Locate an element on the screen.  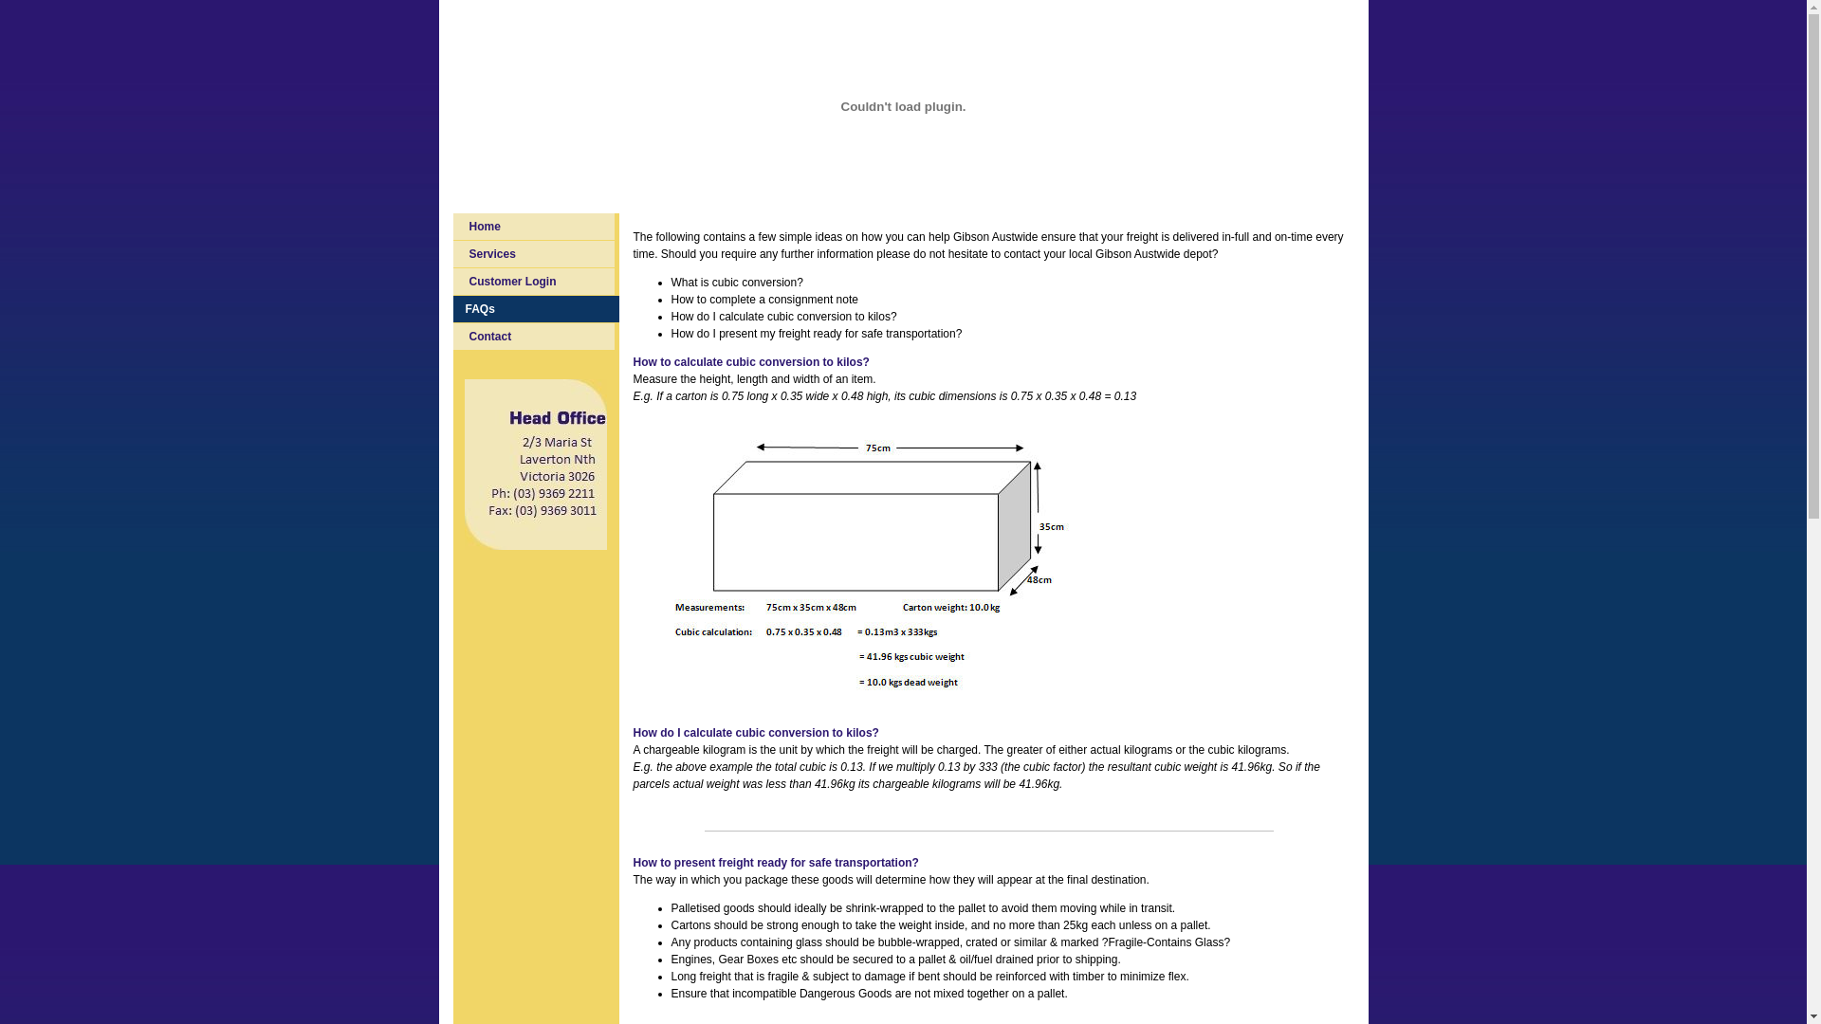
'Customer Login' is located at coordinates (452, 282).